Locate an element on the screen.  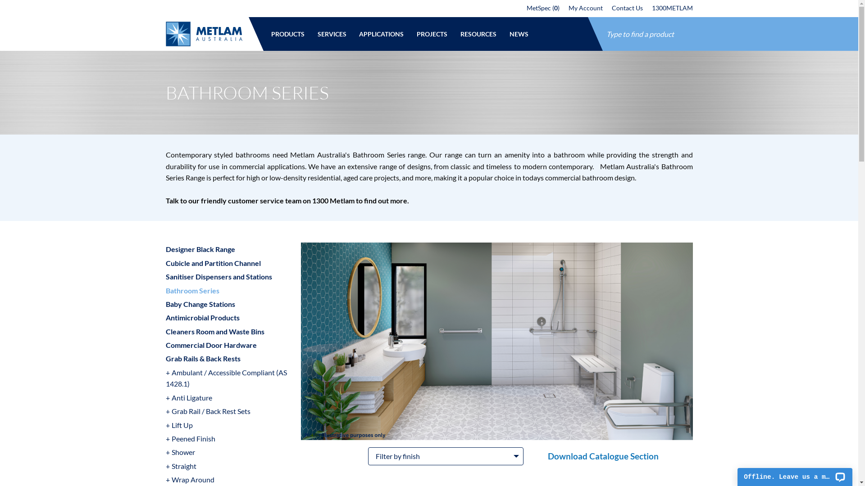
'APPLICATIONS' is located at coordinates (352, 33).